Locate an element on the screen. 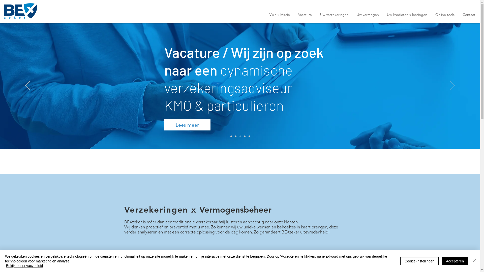  'Bekijk het privacybeleid' is located at coordinates (6, 265).